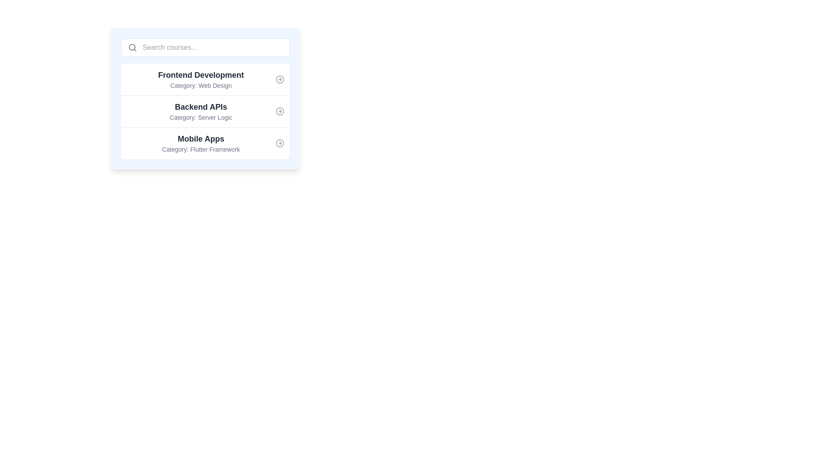 This screenshot has width=840, height=472. What do you see at coordinates (200, 149) in the screenshot?
I see `the Text Label indicating the category 'Flutter Framework' associated with the 'Mobile Apps' entry, located beneath the 'Mobile Apps' title text` at bounding box center [200, 149].